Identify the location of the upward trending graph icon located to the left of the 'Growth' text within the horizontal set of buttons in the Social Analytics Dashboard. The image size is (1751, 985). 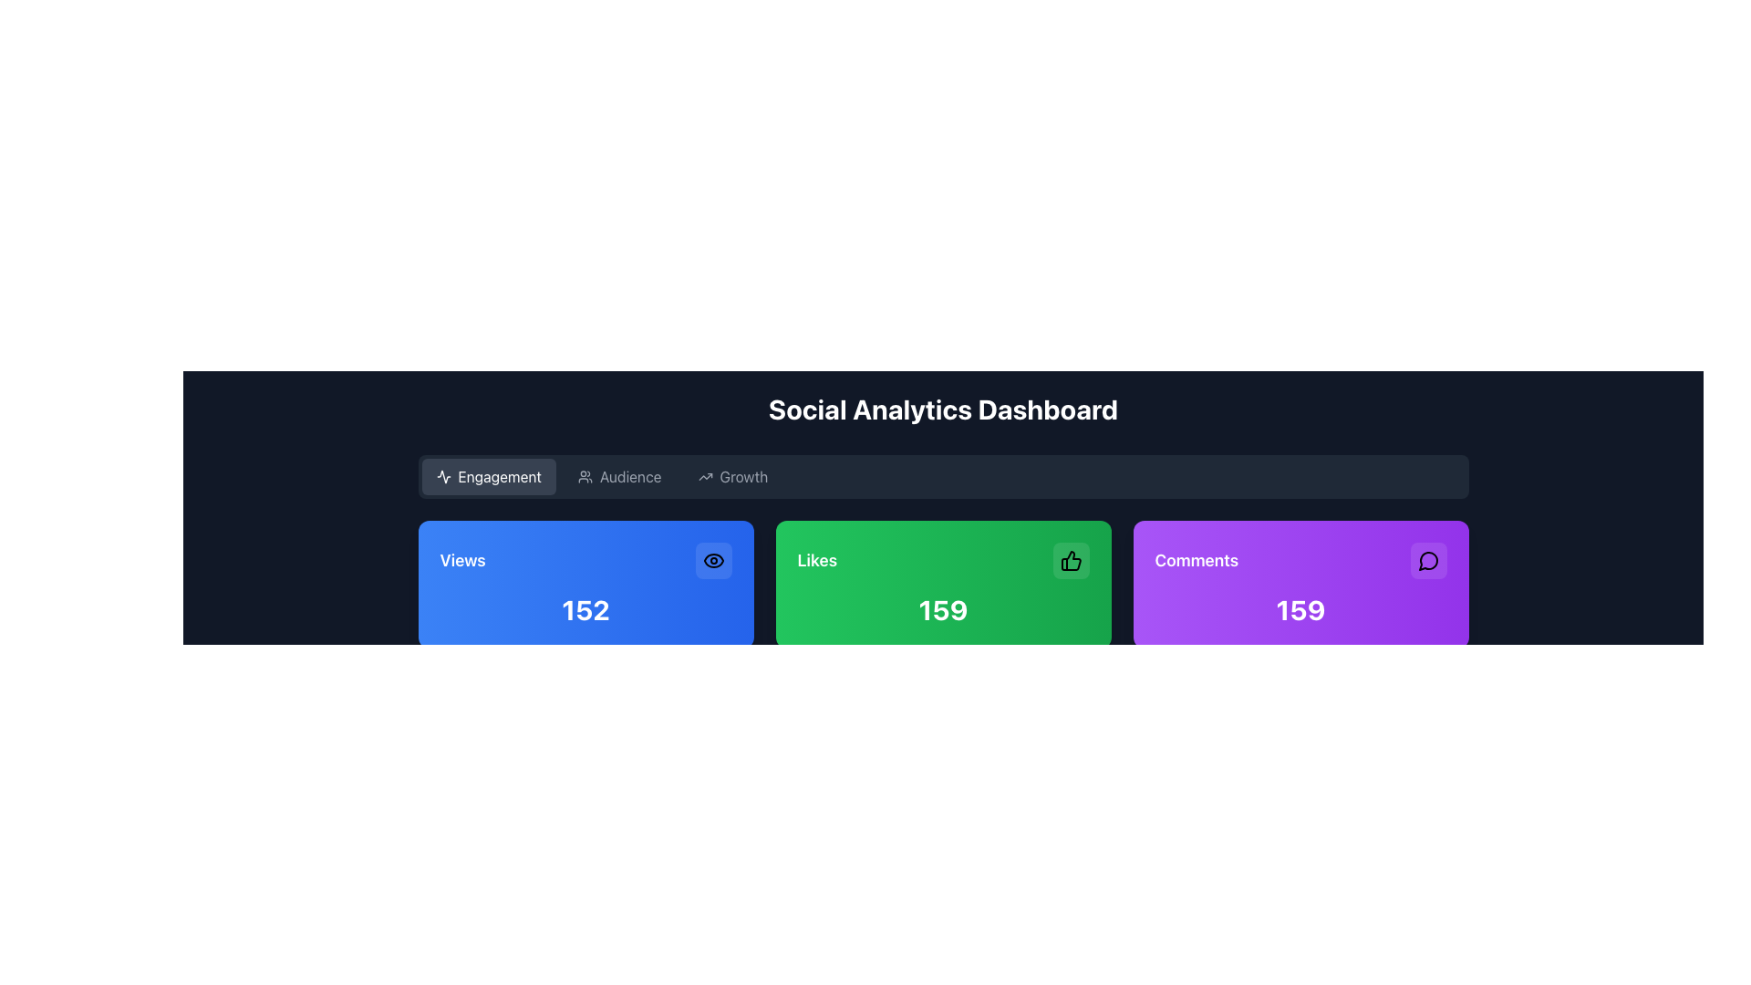
(704, 476).